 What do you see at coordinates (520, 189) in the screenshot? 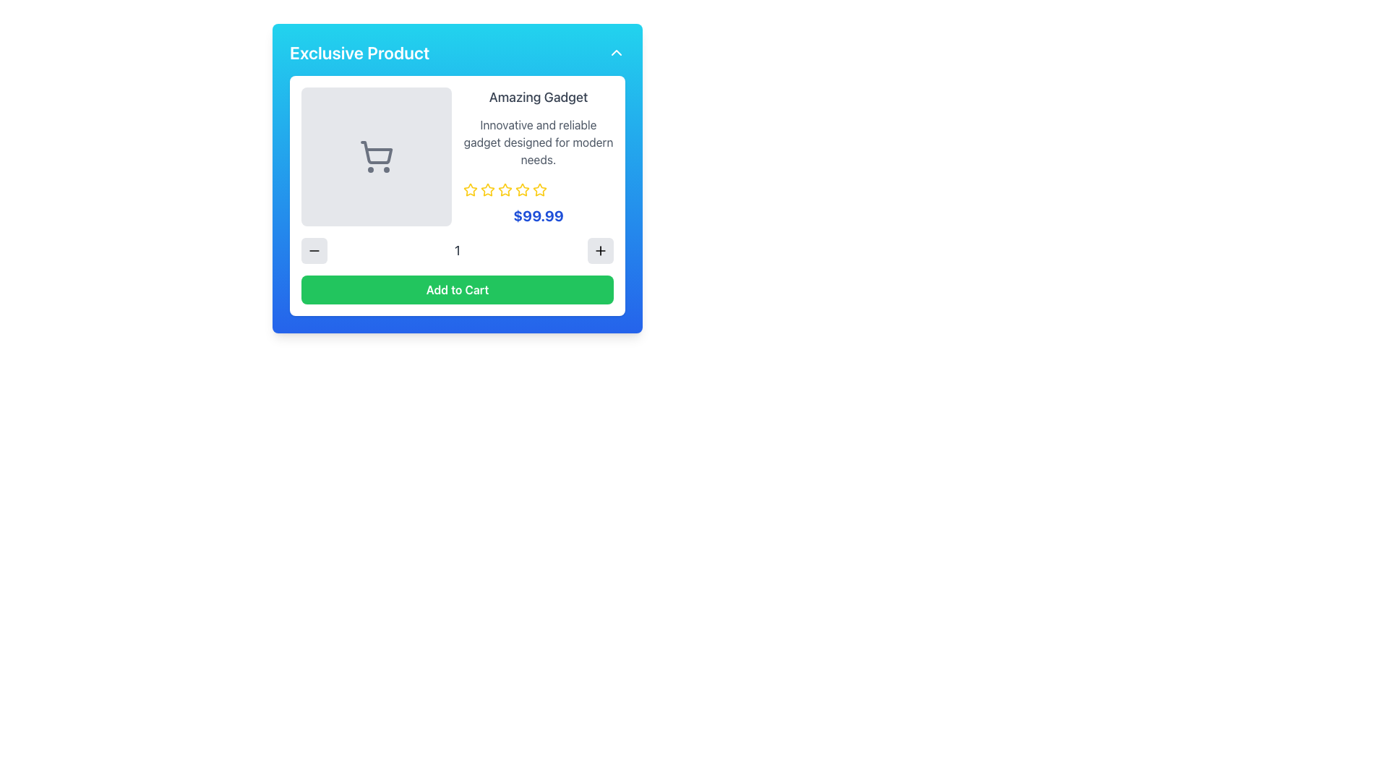
I see `the third star icon` at bounding box center [520, 189].